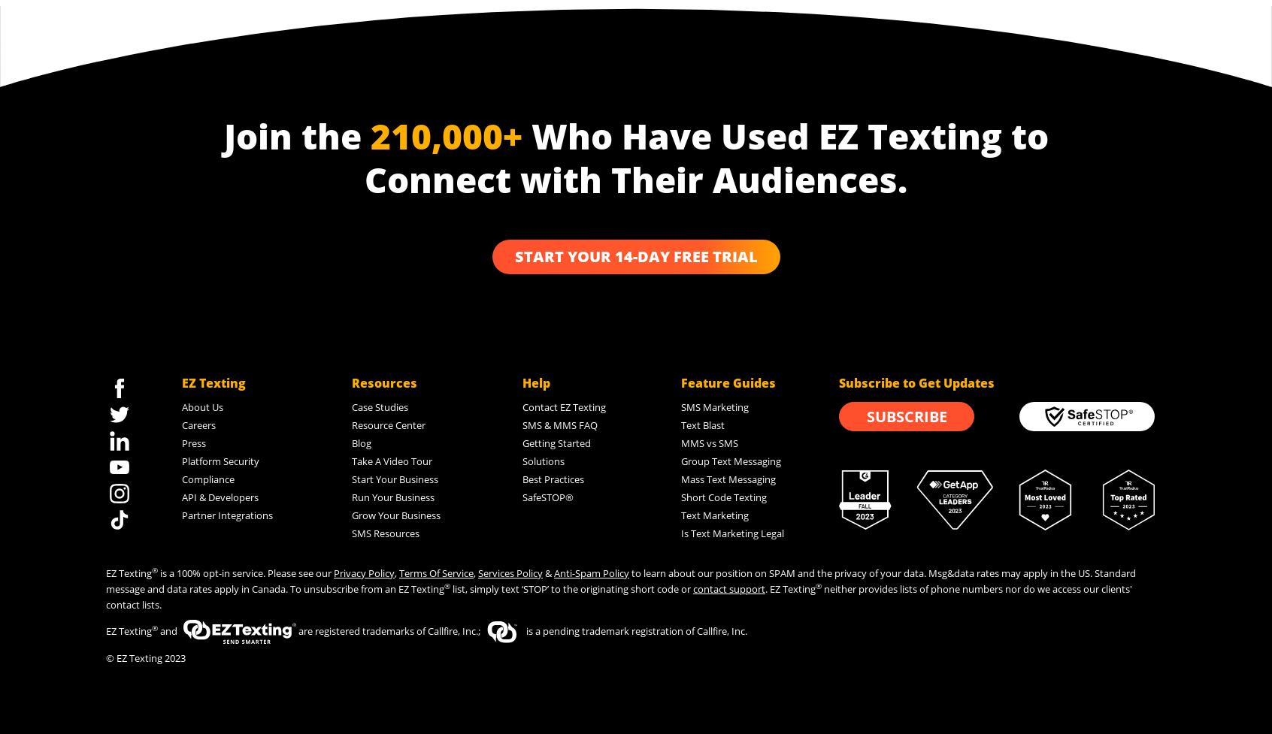 The image size is (1272, 734). What do you see at coordinates (723, 497) in the screenshot?
I see `'Short Code Texting'` at bounding box center [723, 497].